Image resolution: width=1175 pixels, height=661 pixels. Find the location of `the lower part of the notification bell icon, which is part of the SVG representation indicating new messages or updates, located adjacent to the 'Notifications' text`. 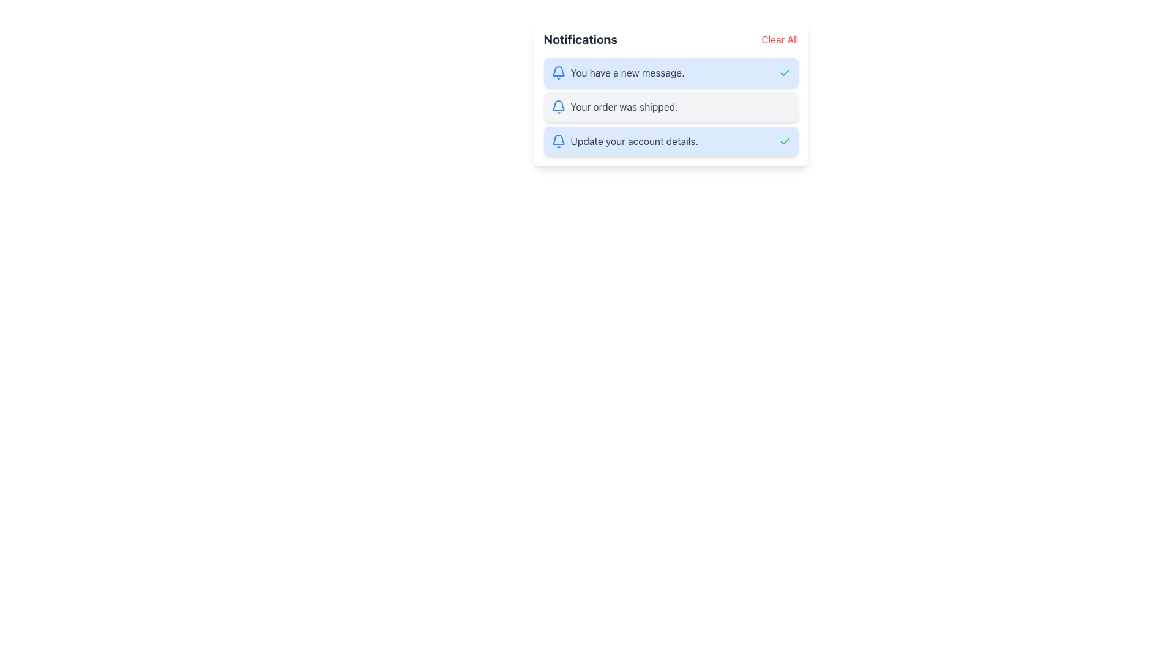

the lower part of the notification bell icon, which is part of the SVG representation indicating new messages or updates, located adjacent to the 'Notifications' text is located at coordinates (558, 105).